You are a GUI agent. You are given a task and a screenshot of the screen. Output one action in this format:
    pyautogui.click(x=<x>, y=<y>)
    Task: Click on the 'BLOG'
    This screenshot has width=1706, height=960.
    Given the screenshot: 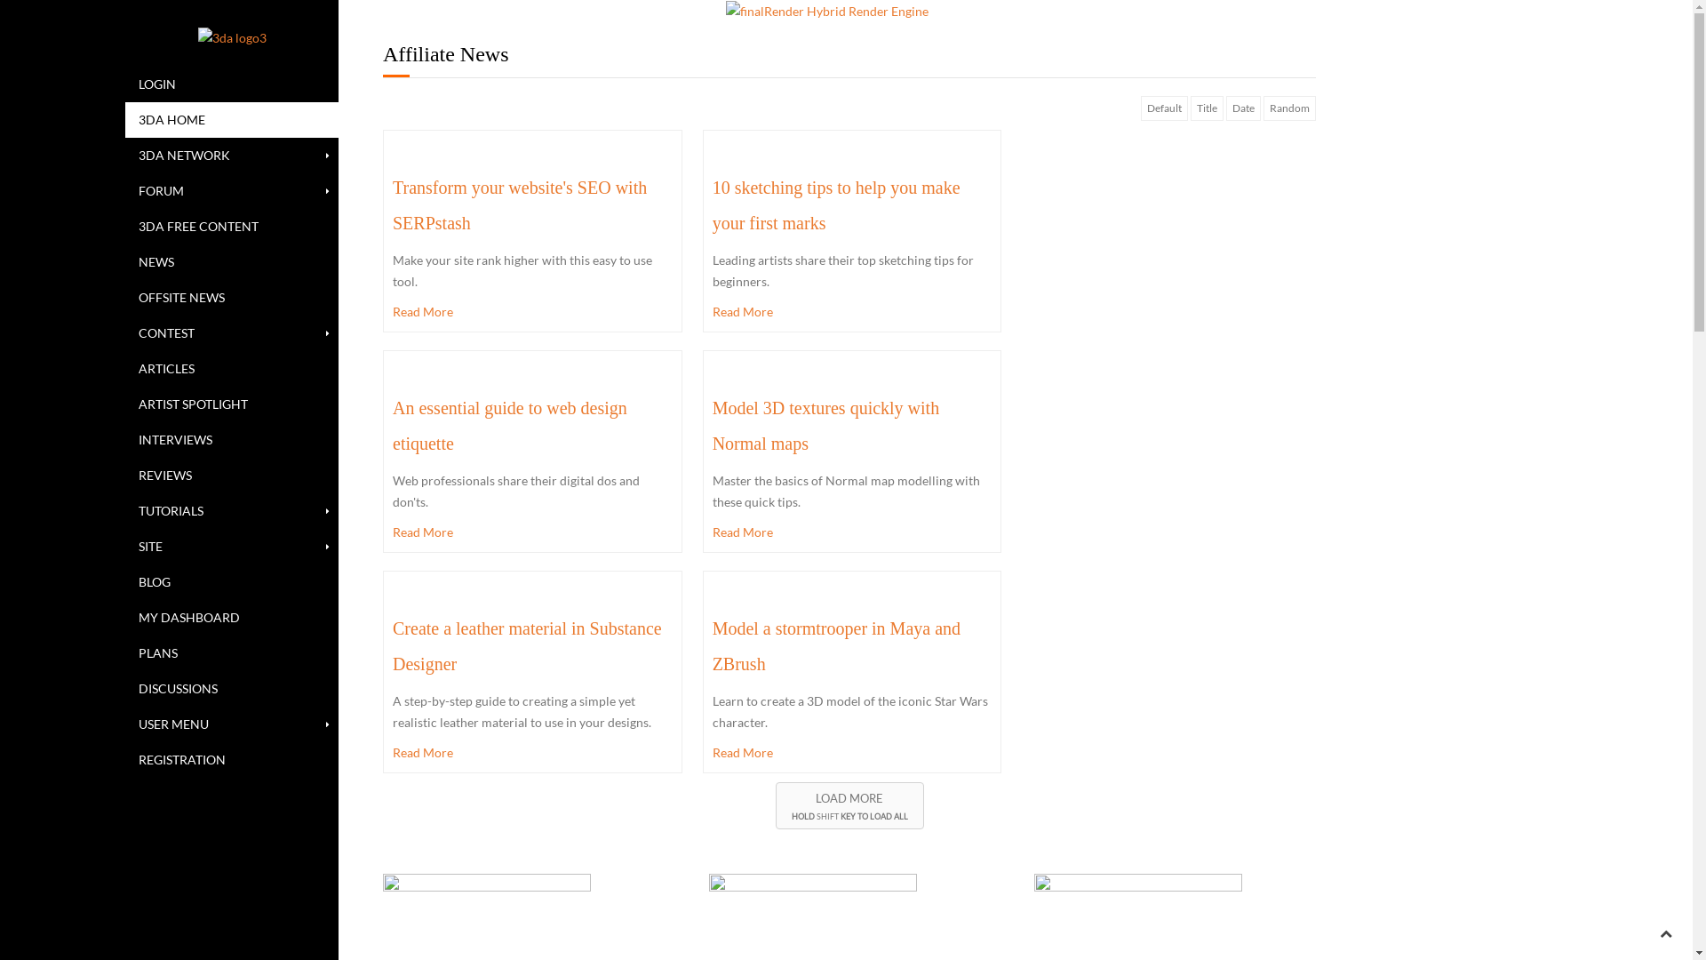 What is the action you would take?
    pyautogui.click(x=124, y=582)
    